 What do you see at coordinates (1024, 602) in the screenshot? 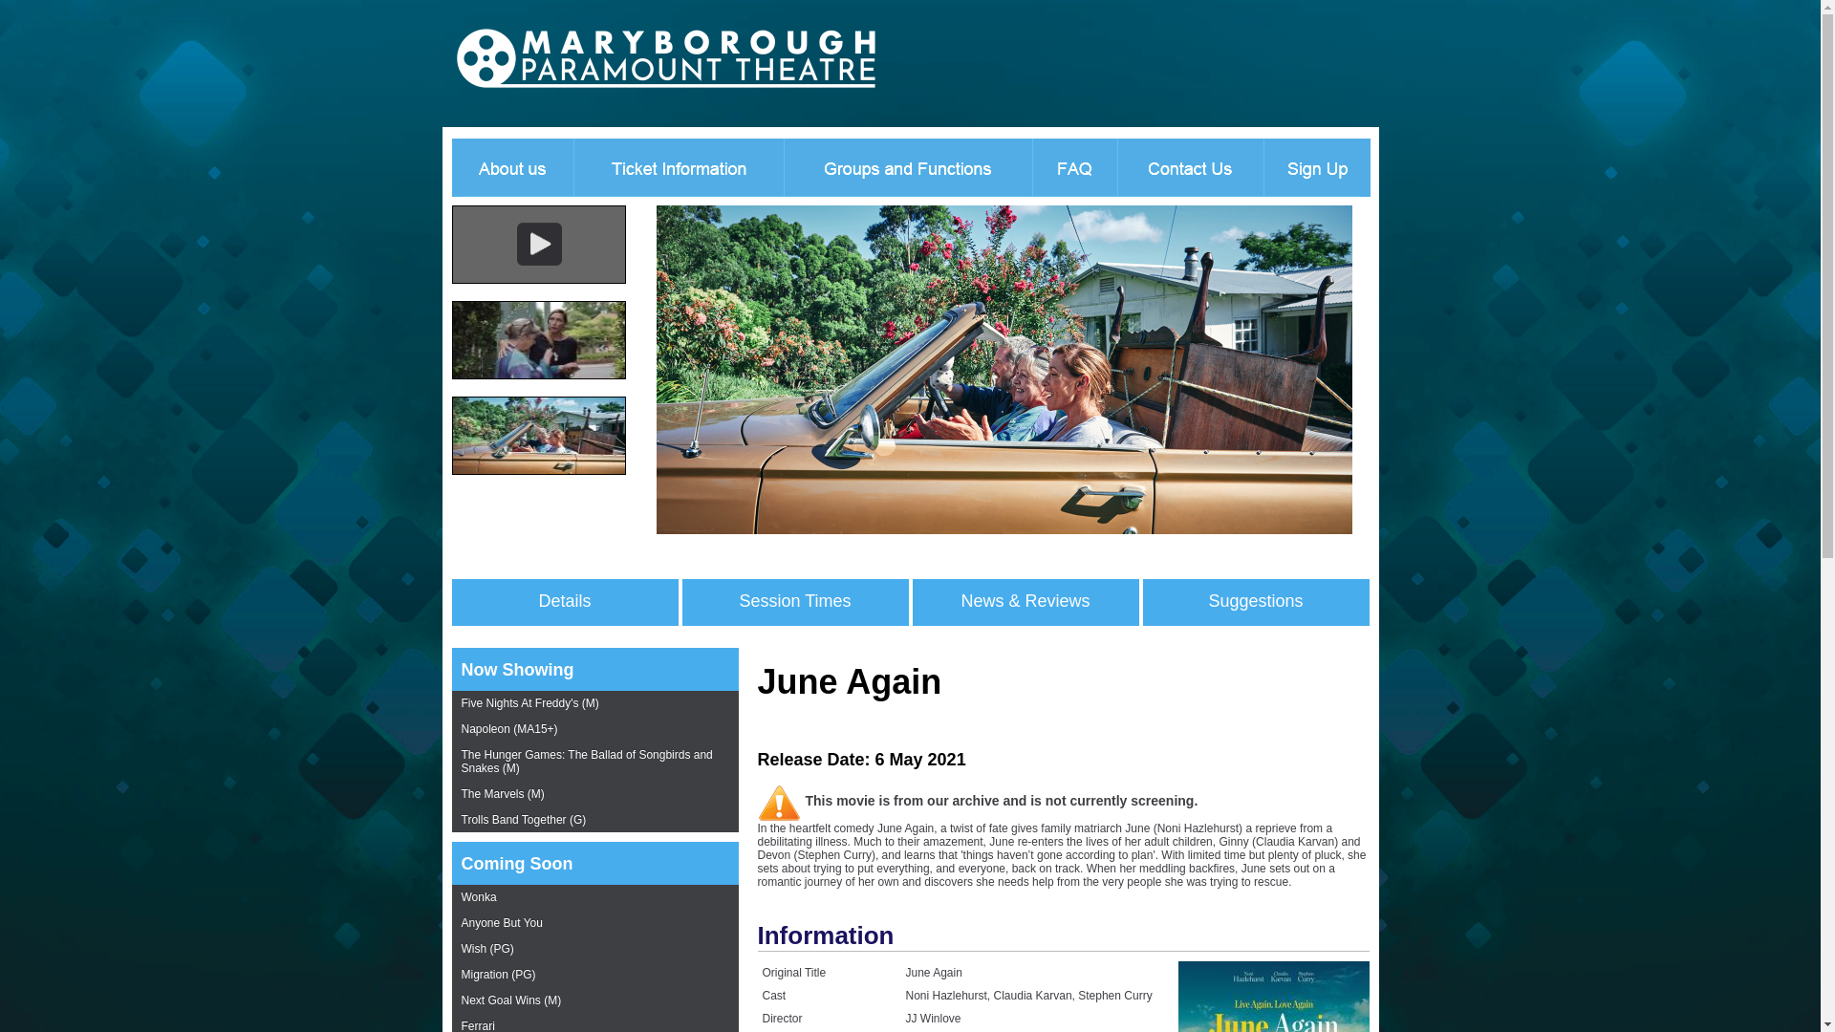
I see `'News & Reviews'` at bounding box center [1024, 602].